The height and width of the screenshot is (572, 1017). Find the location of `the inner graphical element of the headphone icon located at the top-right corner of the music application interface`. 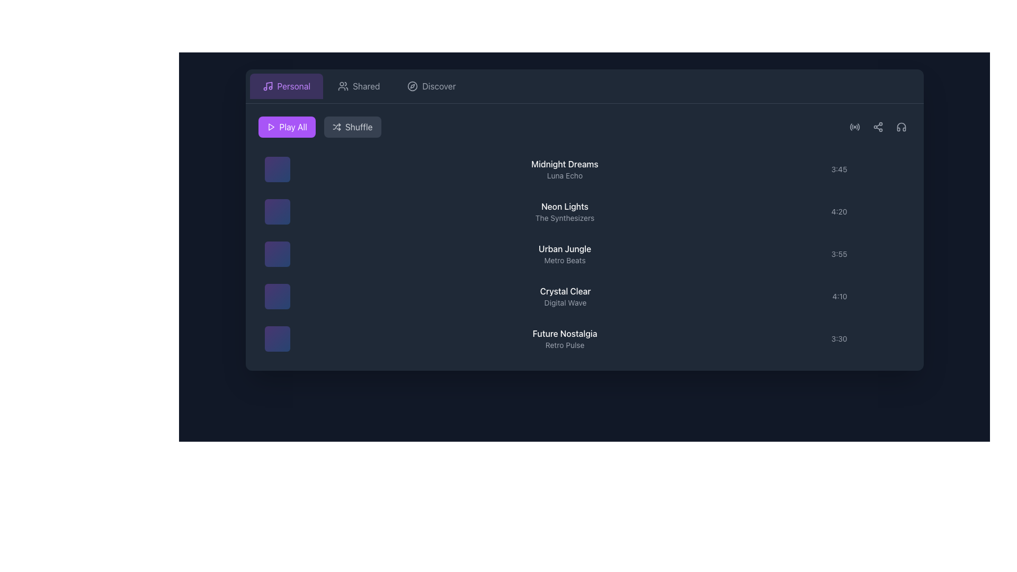

the inner graphical element of the headphone icon located at the top-right corner of the music application interface is located at coordinates (900, 126).